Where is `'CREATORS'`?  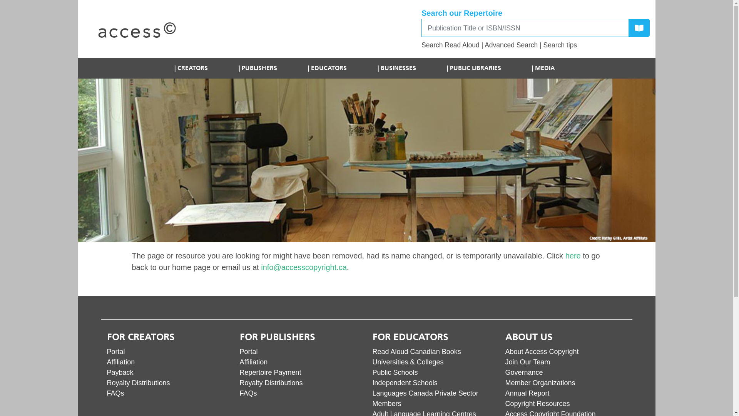 'CREATORS' is located at coordinates (191, 68).